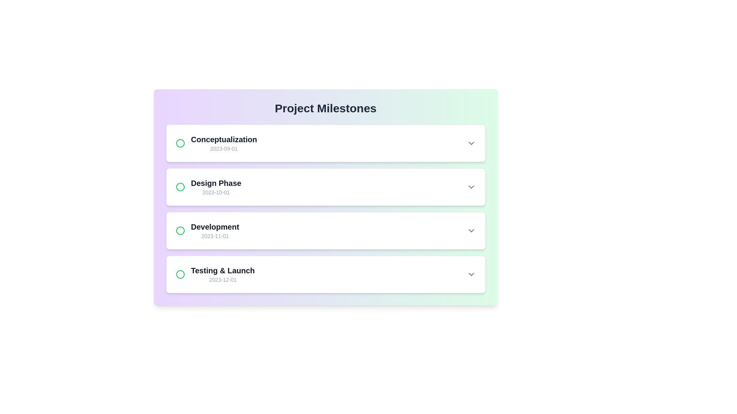 The image size is (737, 414). Describe the element at coordinates (216, 187) in the screenshot. I see `the milestone label titled 'Design Phase' with the subtitle '2023-10-01', located in the second row of the 'Project Milestones' list` at that location.